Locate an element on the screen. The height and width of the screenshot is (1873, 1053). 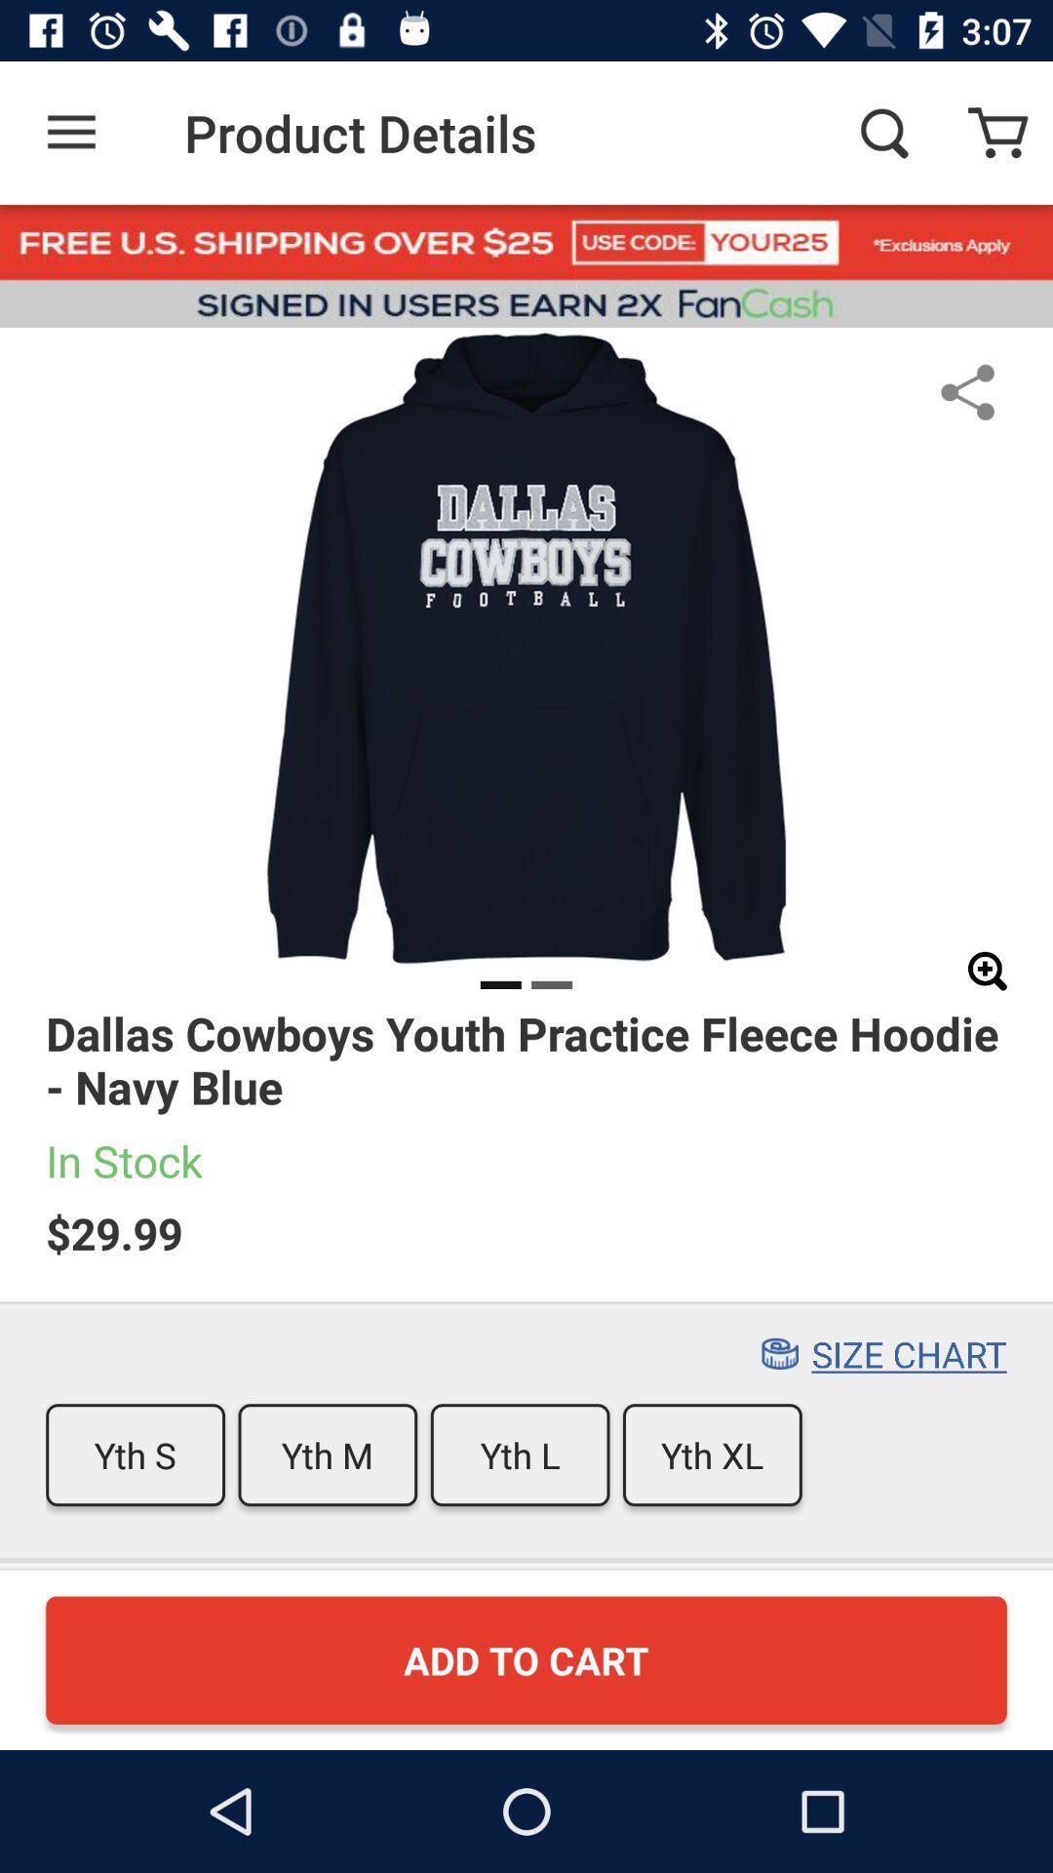
item to the left of yth xl is located at coordinates (519, 1455).